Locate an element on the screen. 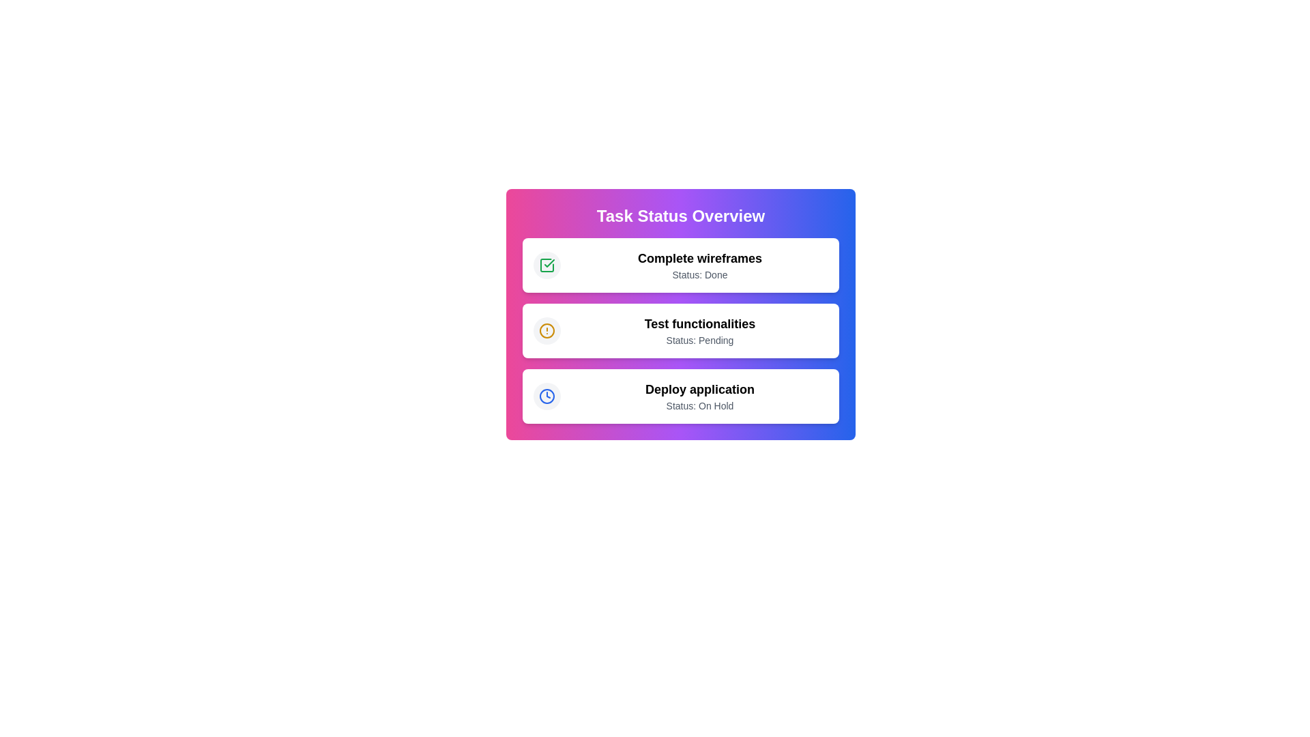 This screenshot has height=737, width=1310. the task 'Deploy application' from the list to highlight it is located at coordinates (681, 396).